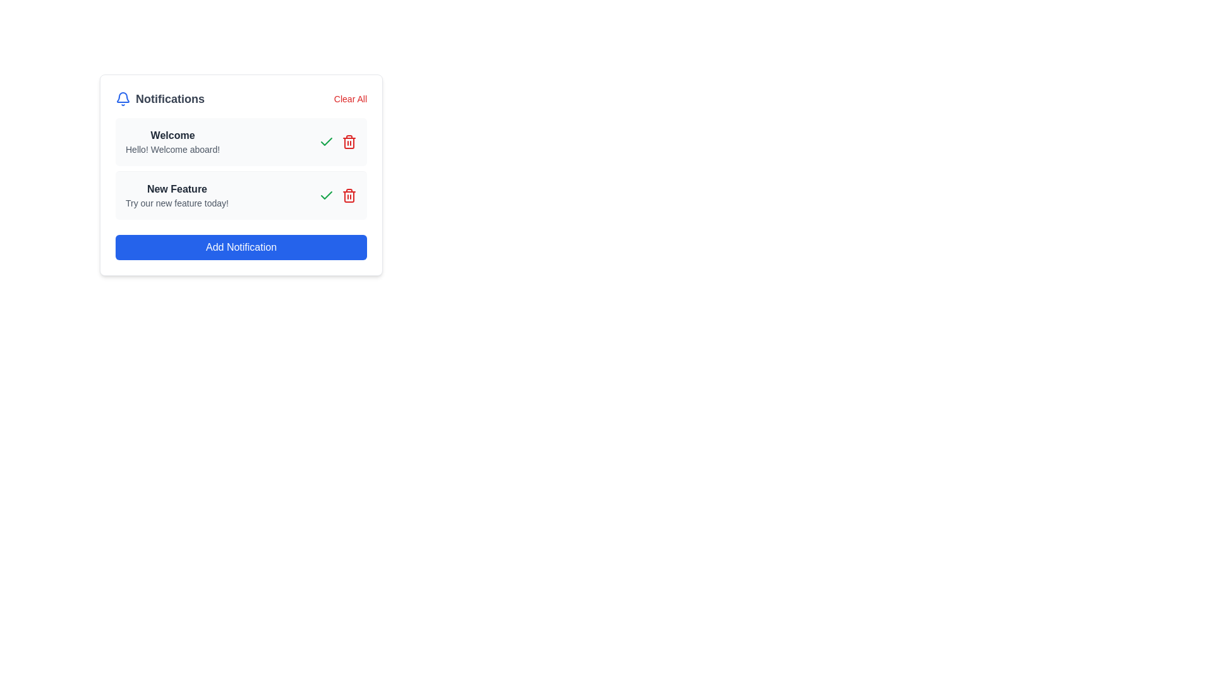 Image resolution: width=1213 pixels, height=682 pixels. What do you see at coordinates (176, 189) in the screenshot?
I see `the title text label of the notification that summarizes the message, which is located above the text block reading 'Try our new feature today!', in the notification panel` at bounding box center [176, 189].